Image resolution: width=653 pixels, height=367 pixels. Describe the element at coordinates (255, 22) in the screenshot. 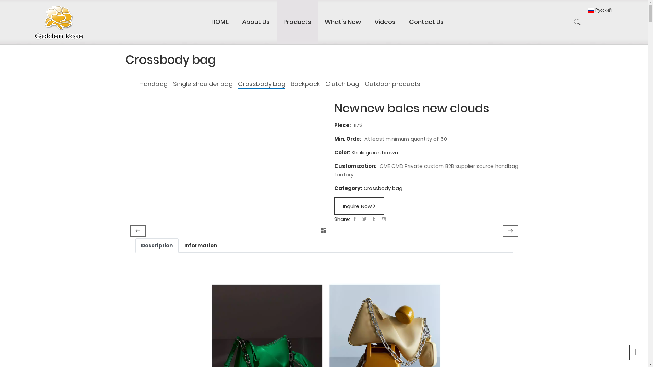

I see `'About Us'` at that location.